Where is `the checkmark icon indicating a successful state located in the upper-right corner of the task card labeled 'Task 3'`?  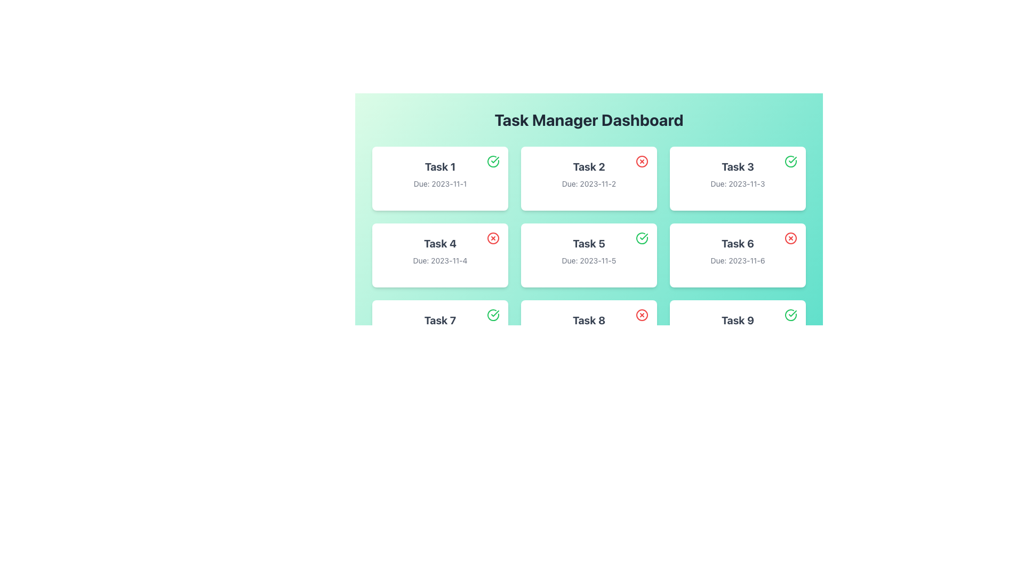
the checkmark icon indicating a successful state located in the upper-right corner of the task card labeled 'Task 3' is located at coordinates (791, 162).